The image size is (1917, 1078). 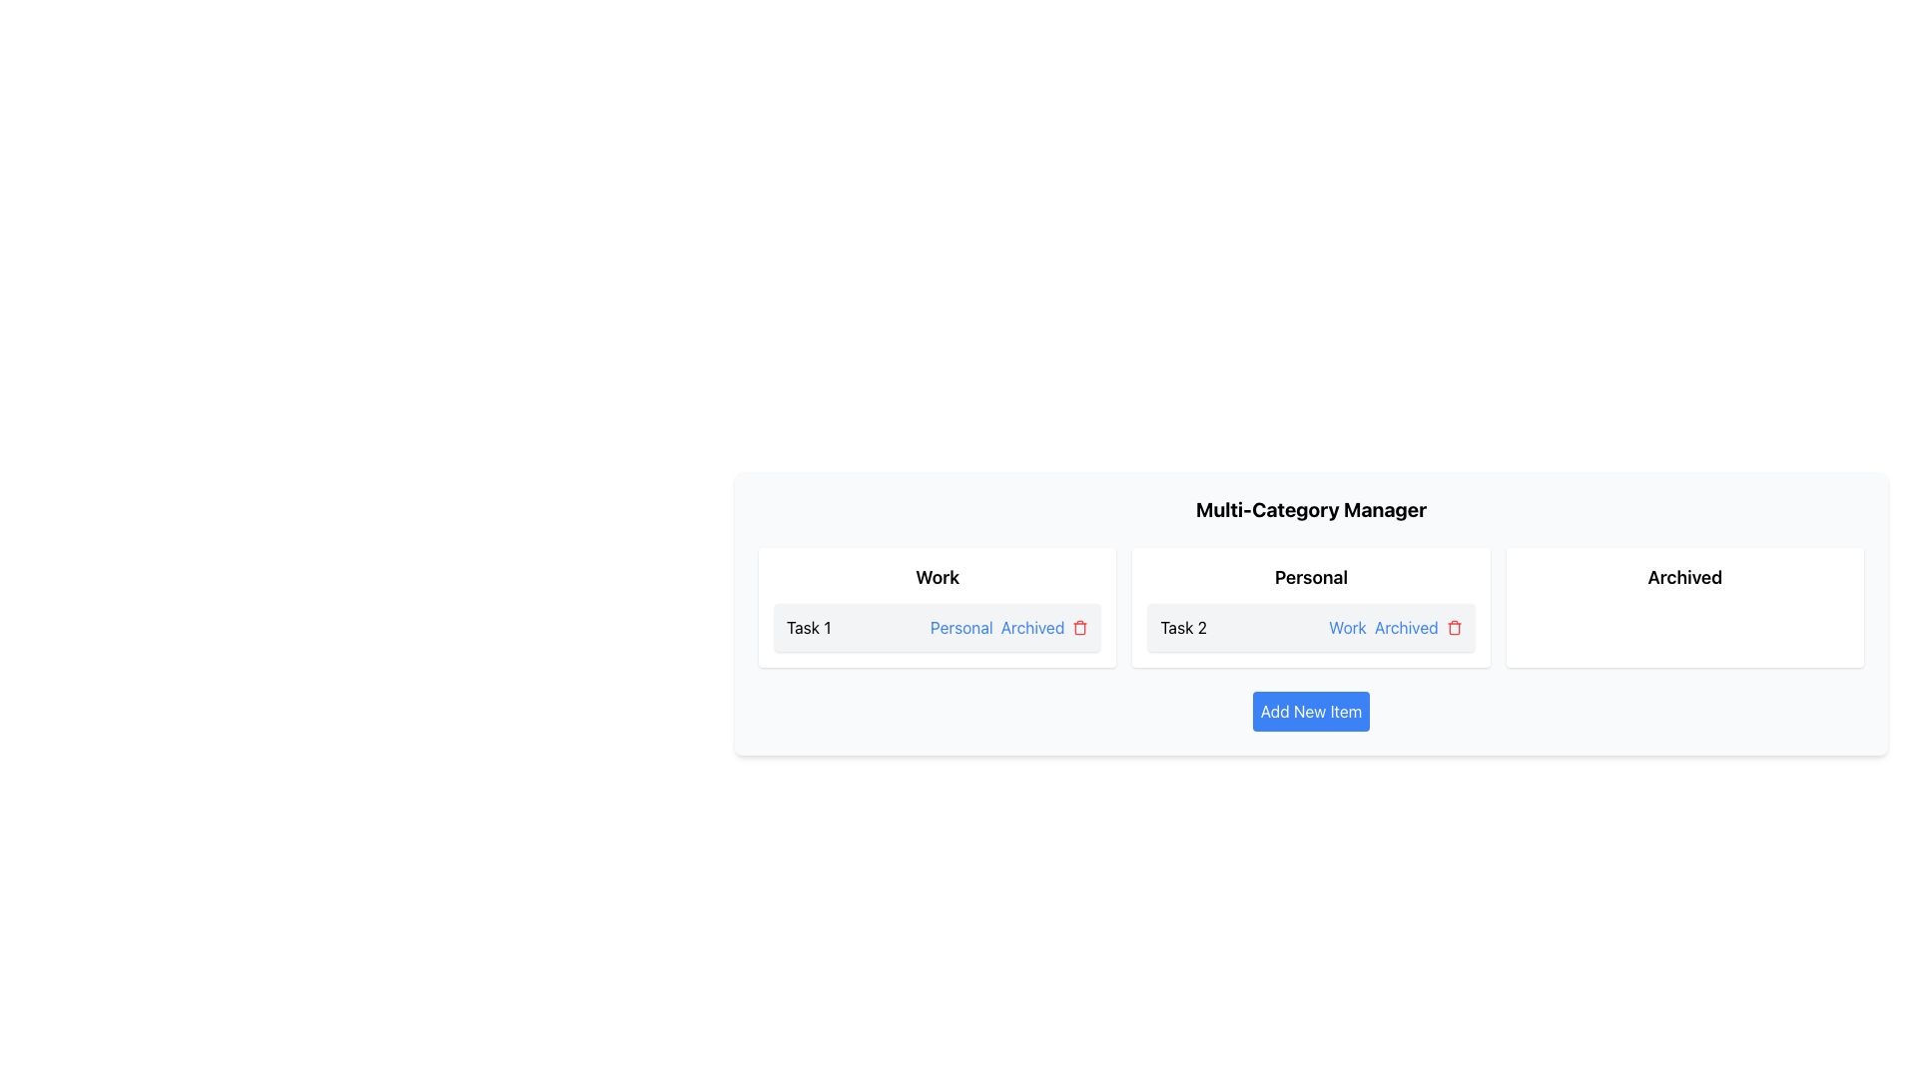 What do you see at coordinates (1311, 577) in the screenshot?
I see `the 'Personal' text label, which is displayed in bold and larger font, indicating a category title under the 'Multi-Category Manager'` at bounding box center [1311, 577].